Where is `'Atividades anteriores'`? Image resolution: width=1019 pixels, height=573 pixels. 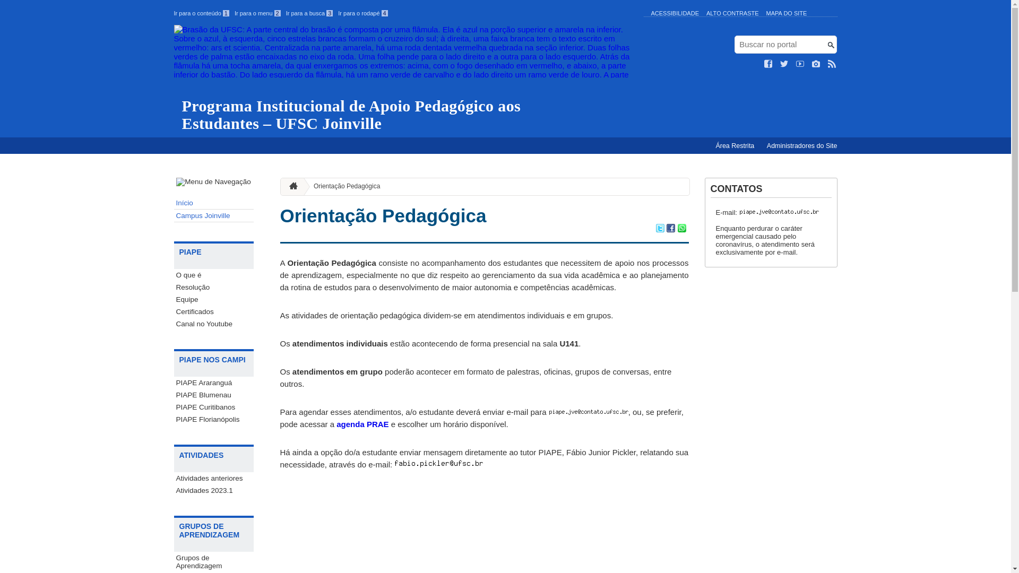 'Atividades anteriores' is located at coordinates (213, 478).